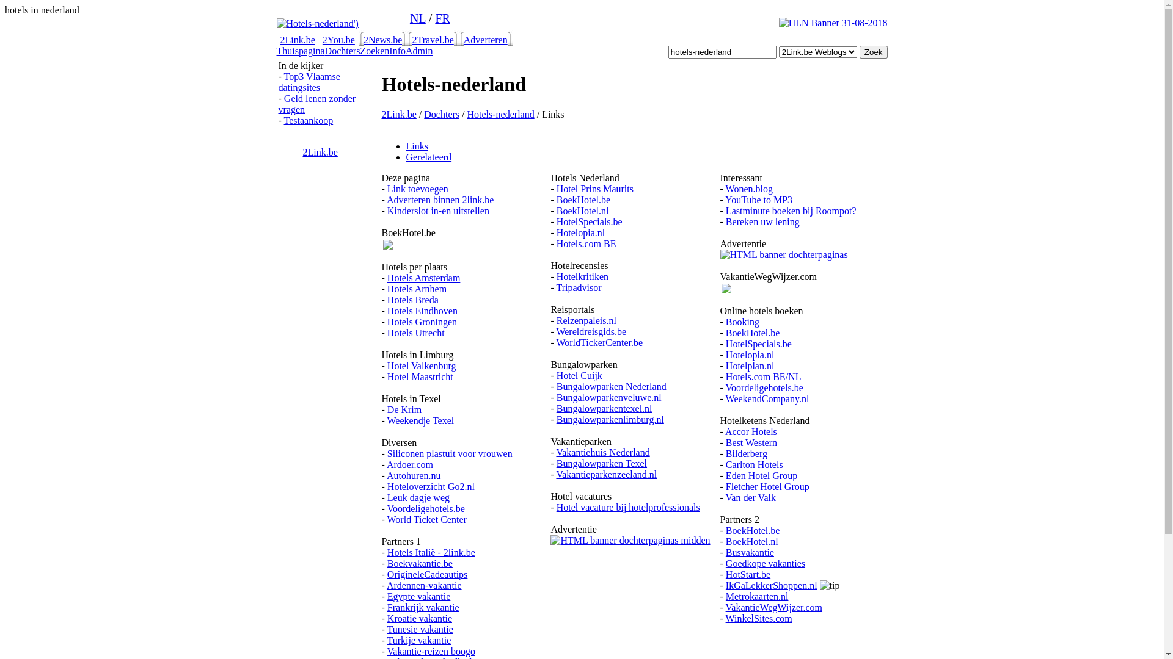 The width and height of the screenshot is (1173, 659). I want to click on 'Geld lenen zonder vragen', so click(317, 103).